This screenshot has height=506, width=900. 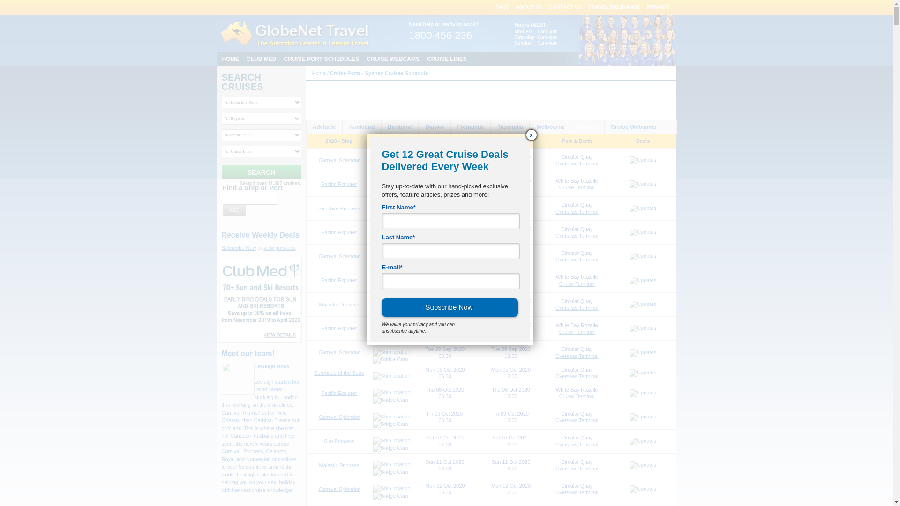 I want to click on 'Bridge Cam', so click(x=390, y=215).